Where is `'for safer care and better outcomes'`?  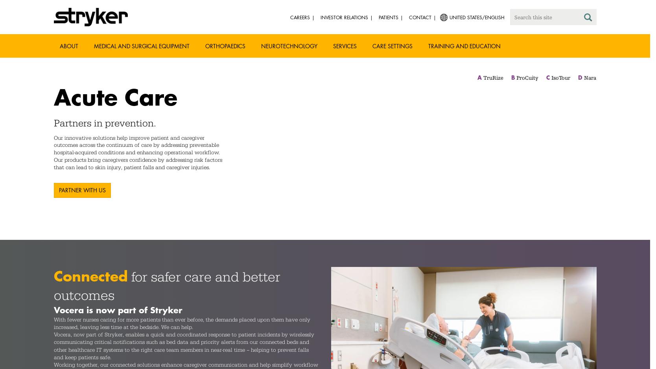
'for safer care and better outcomes' is located at coordinates (167, 286).